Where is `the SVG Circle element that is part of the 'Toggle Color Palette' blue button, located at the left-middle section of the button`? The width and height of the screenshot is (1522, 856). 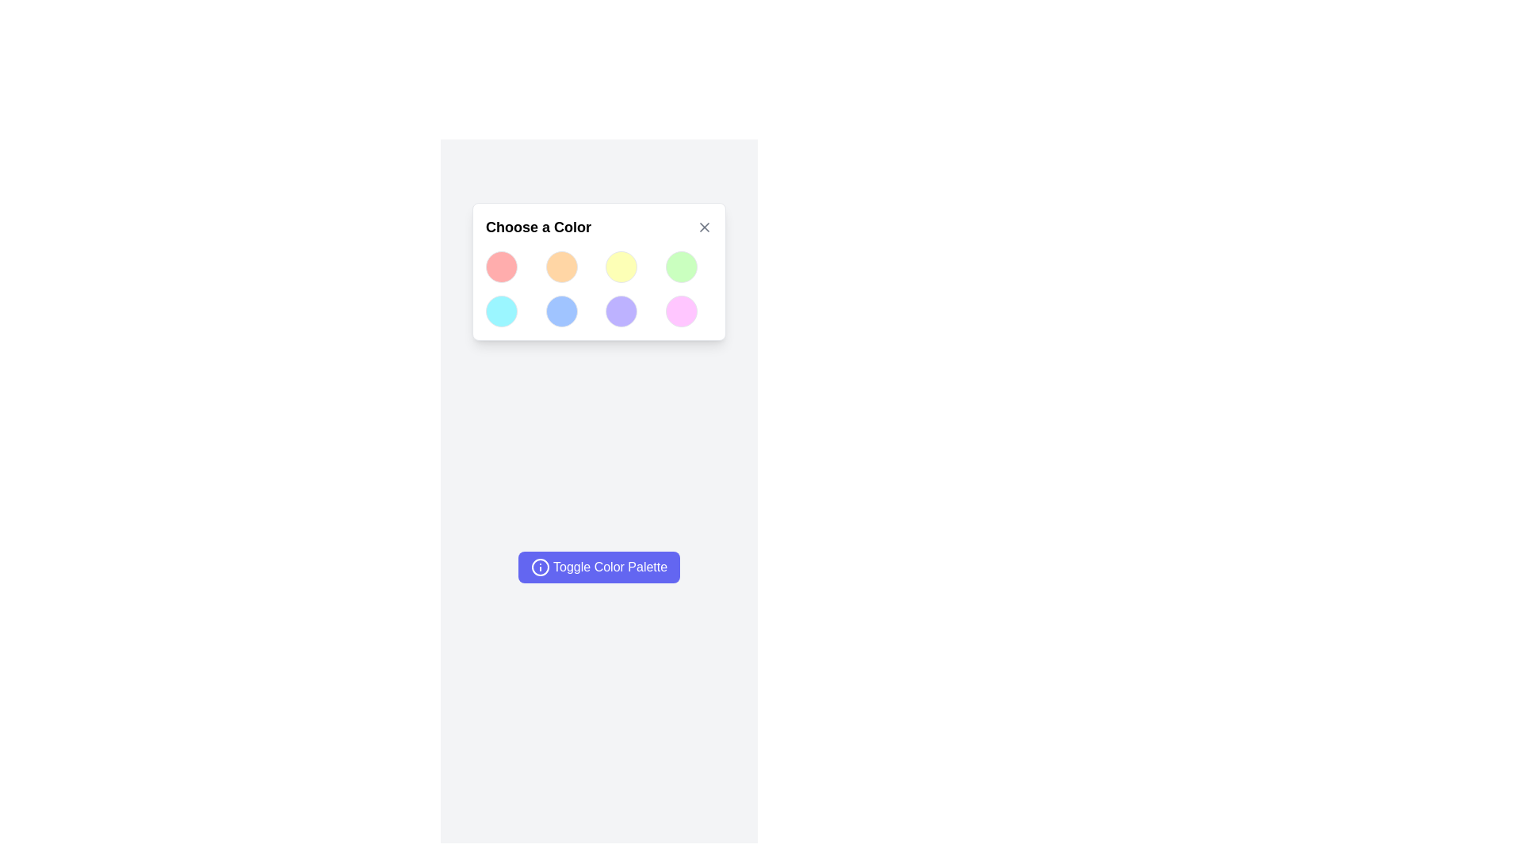
the SVG Circle element that is part of the 'Toggle Color Palette' blue button, located at the left-middle section of the button is located at coordinates (540, 567).